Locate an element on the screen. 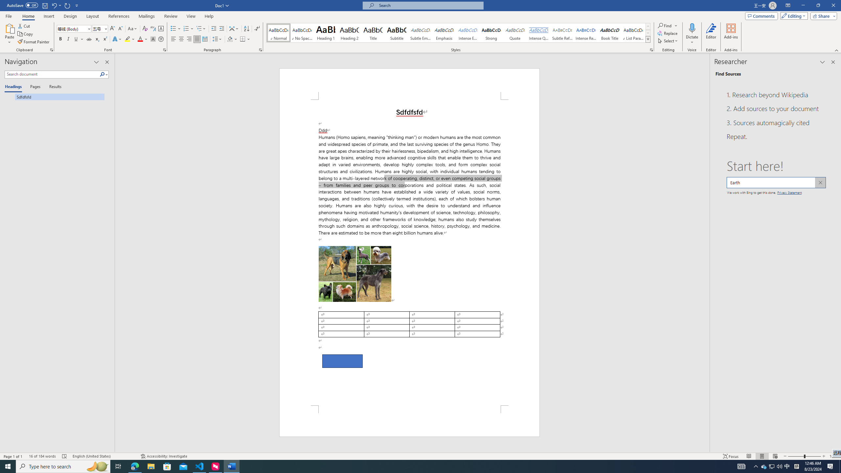 The image size is (841, 473). 'References' is located at coordinates (119, 16).